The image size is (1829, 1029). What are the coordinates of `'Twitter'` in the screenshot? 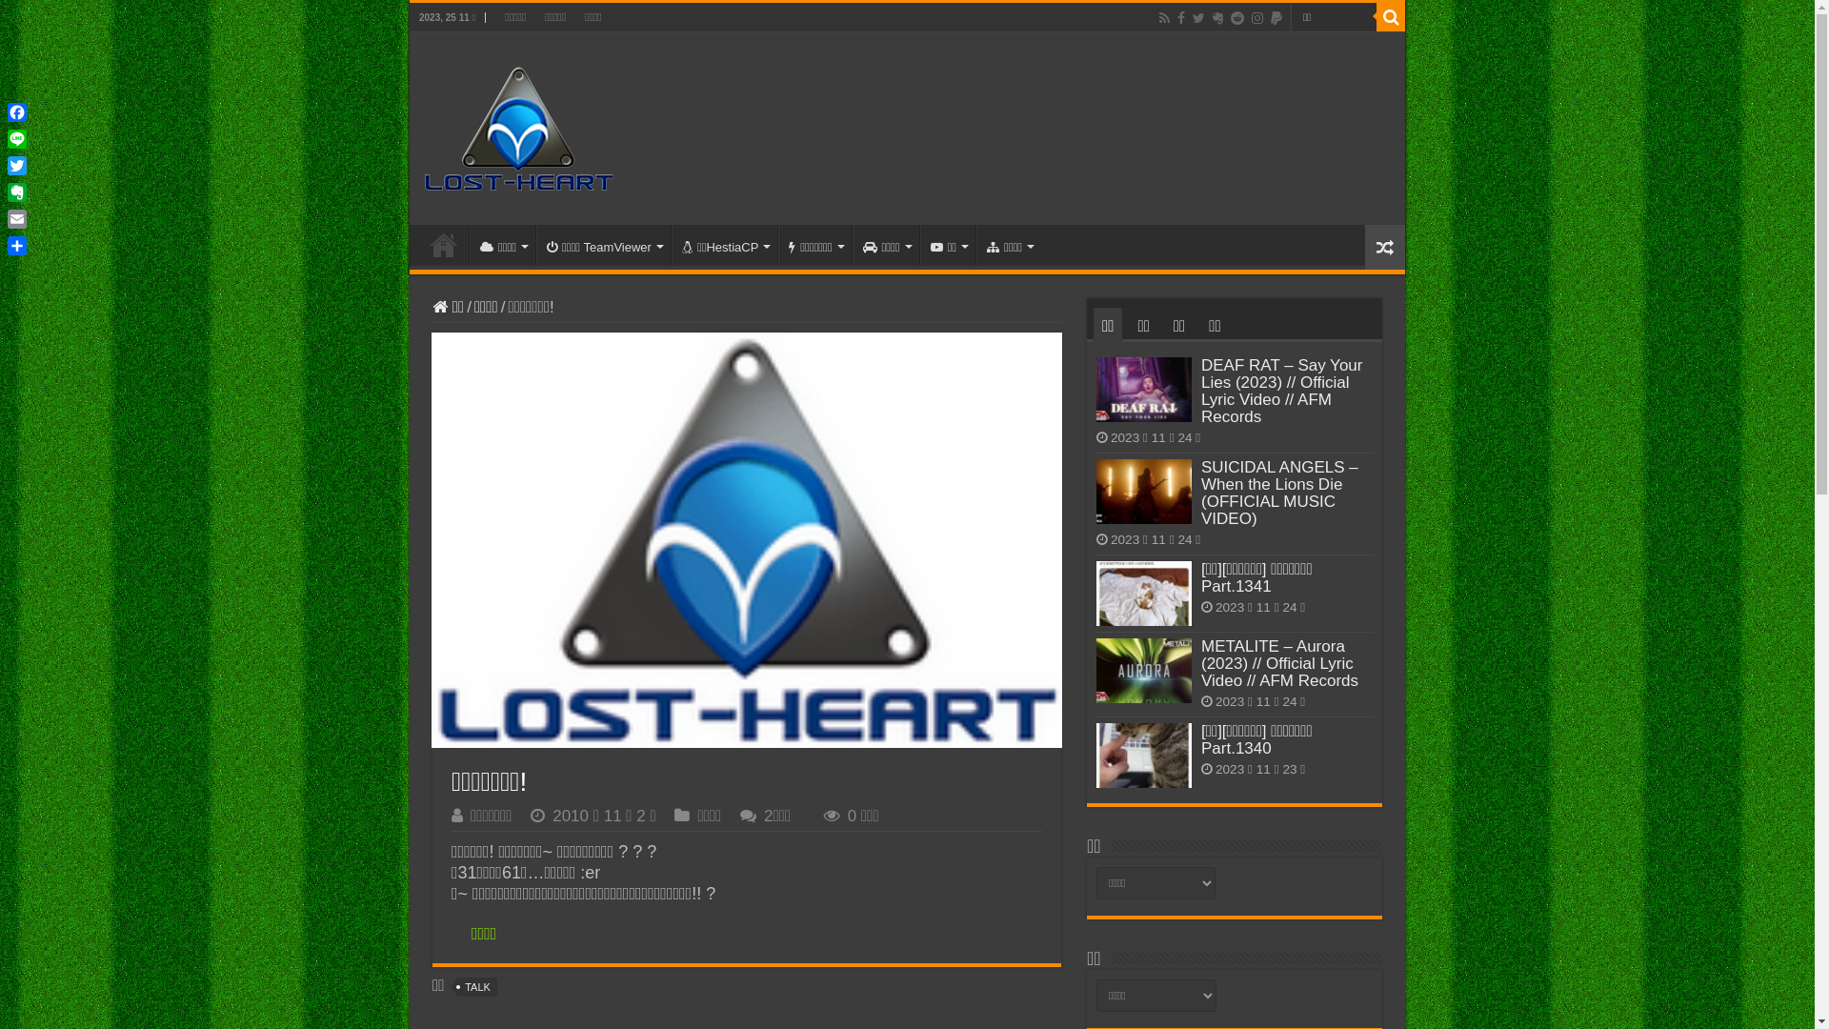 It's located at (17, 164).